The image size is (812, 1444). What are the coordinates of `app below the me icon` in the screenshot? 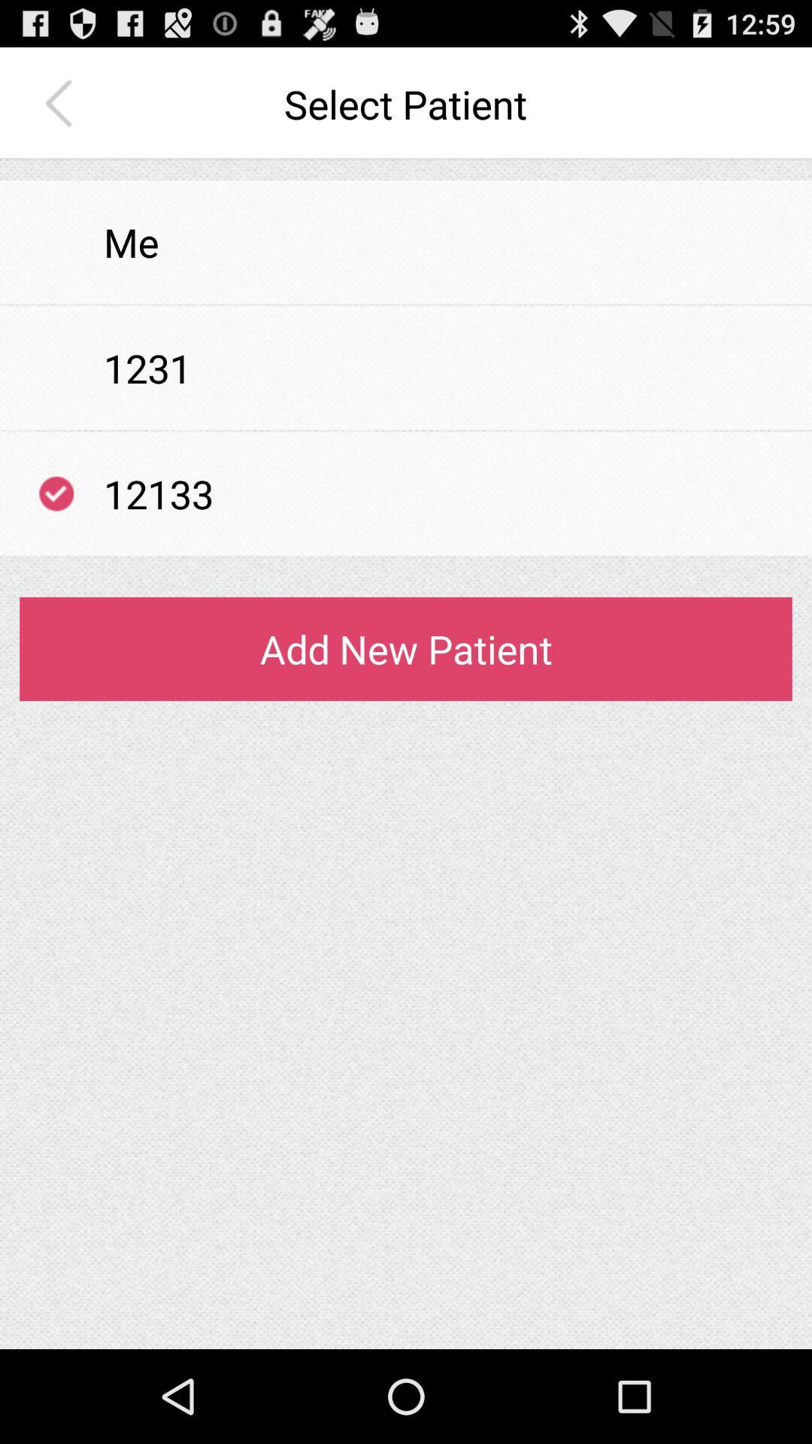 It's located at (406, 304).